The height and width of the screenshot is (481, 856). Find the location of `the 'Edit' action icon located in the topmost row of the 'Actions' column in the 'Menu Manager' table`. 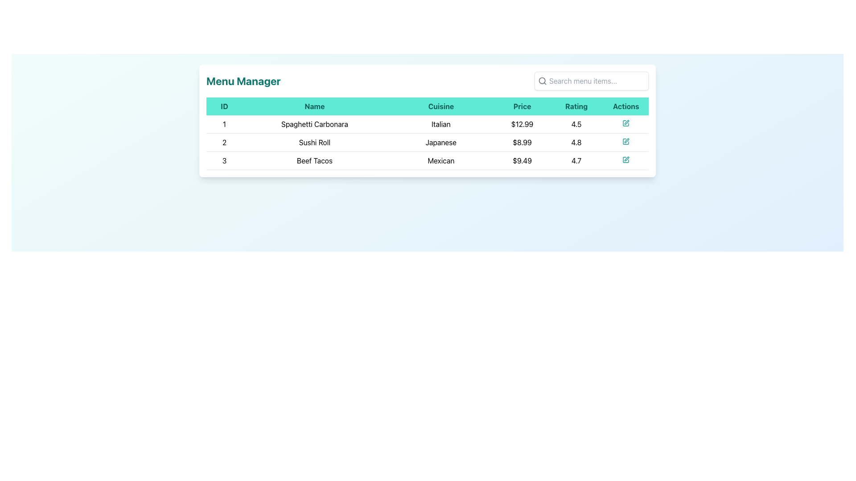

the 'Edit' action icon located in the topmost row of the 'Actions' column in the 'Menu Manager' table is located at coordinates (626, 123).